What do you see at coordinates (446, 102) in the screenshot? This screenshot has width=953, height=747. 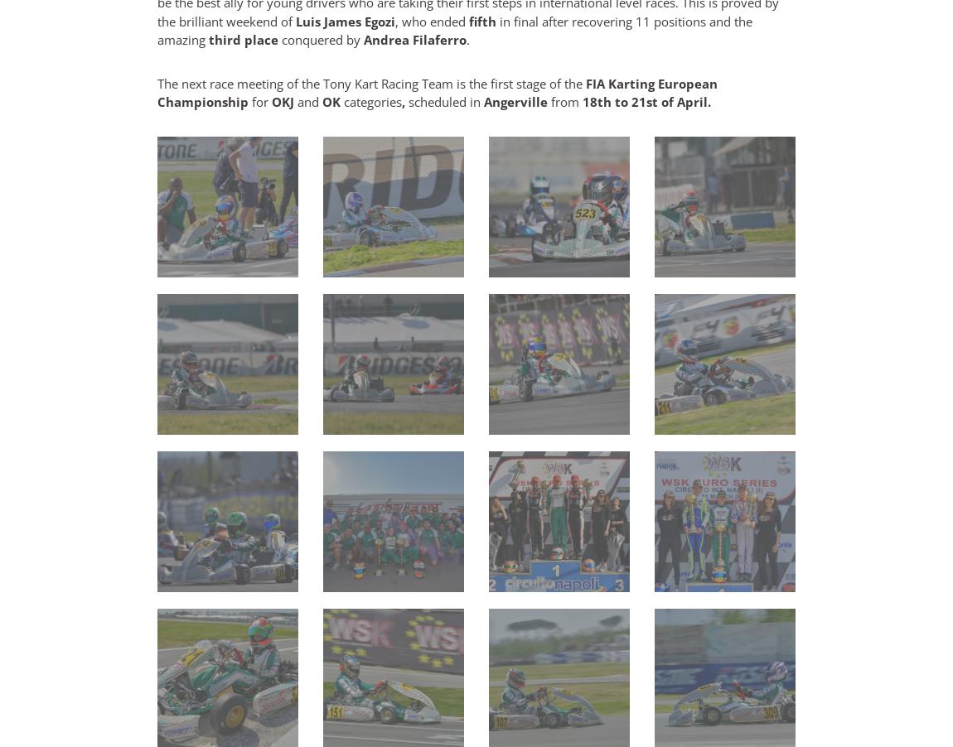 I see `'scheduled in'` at bounding box center [446, 102].